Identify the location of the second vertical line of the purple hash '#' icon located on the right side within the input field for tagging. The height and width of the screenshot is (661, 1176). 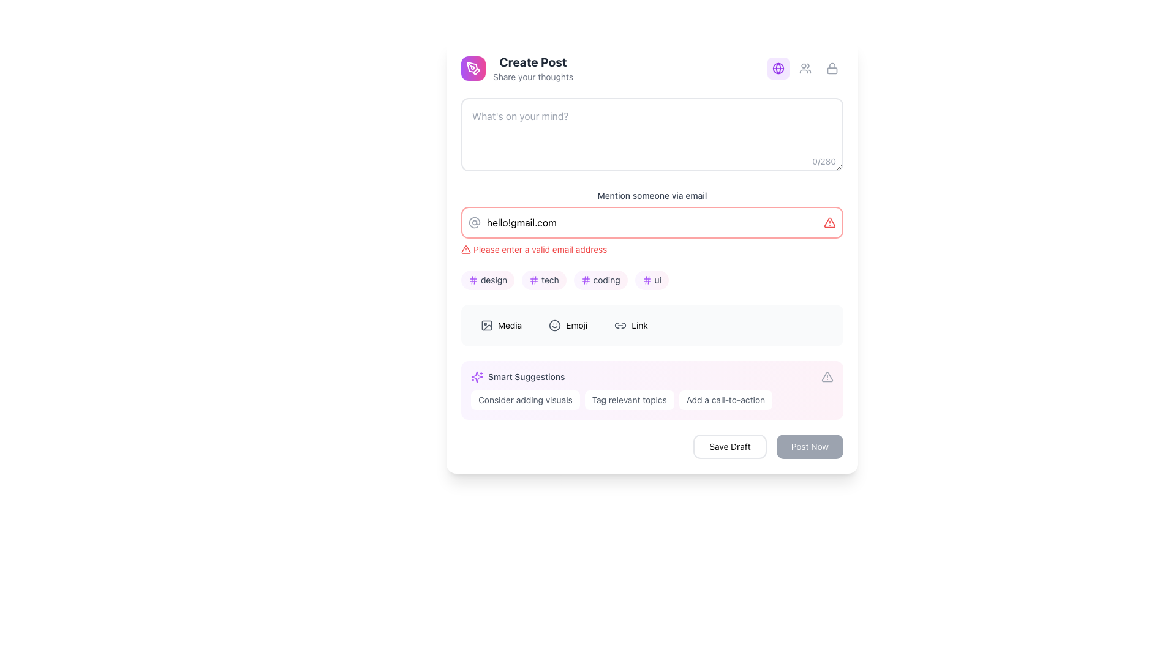
(647, 280).